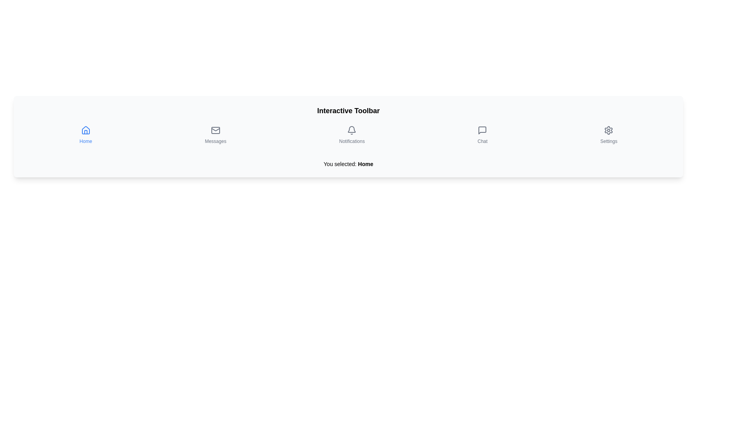 The width and height of the screenshot is (753, 423). What do you see at coordinates (482, 141) in the screenshot?
I see `'Chat' text label located beneath the chat bubble icon in the fourth position of the horizontal toolbar` at bounding box center [482, 141].